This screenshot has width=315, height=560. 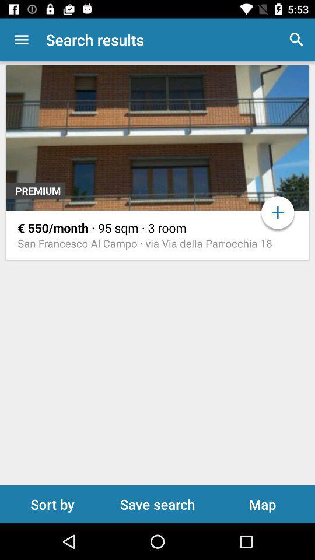 I want to click on the item next to the search results item, so click(x=21, y=40).